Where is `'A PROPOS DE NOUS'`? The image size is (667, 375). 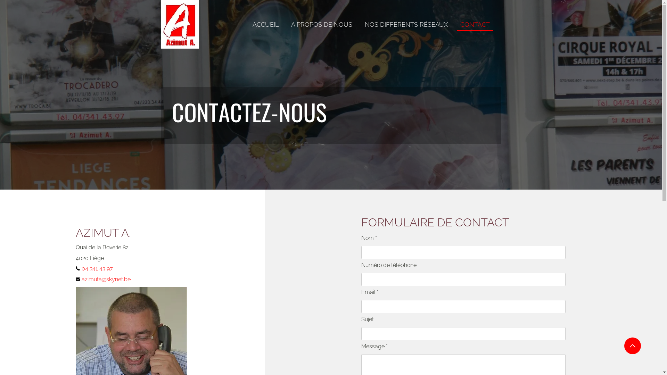
'A PROPOS DE NOUS' is located at coordinates (321, 25).